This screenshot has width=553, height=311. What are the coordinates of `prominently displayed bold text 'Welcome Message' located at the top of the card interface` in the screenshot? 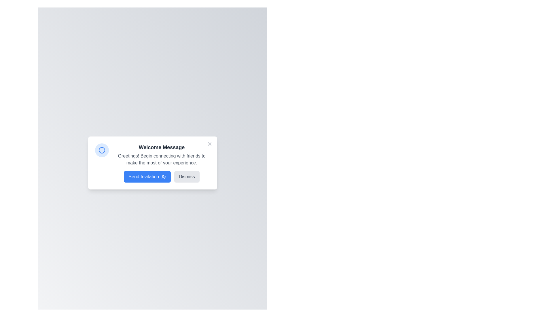 It's located at (161, 147).